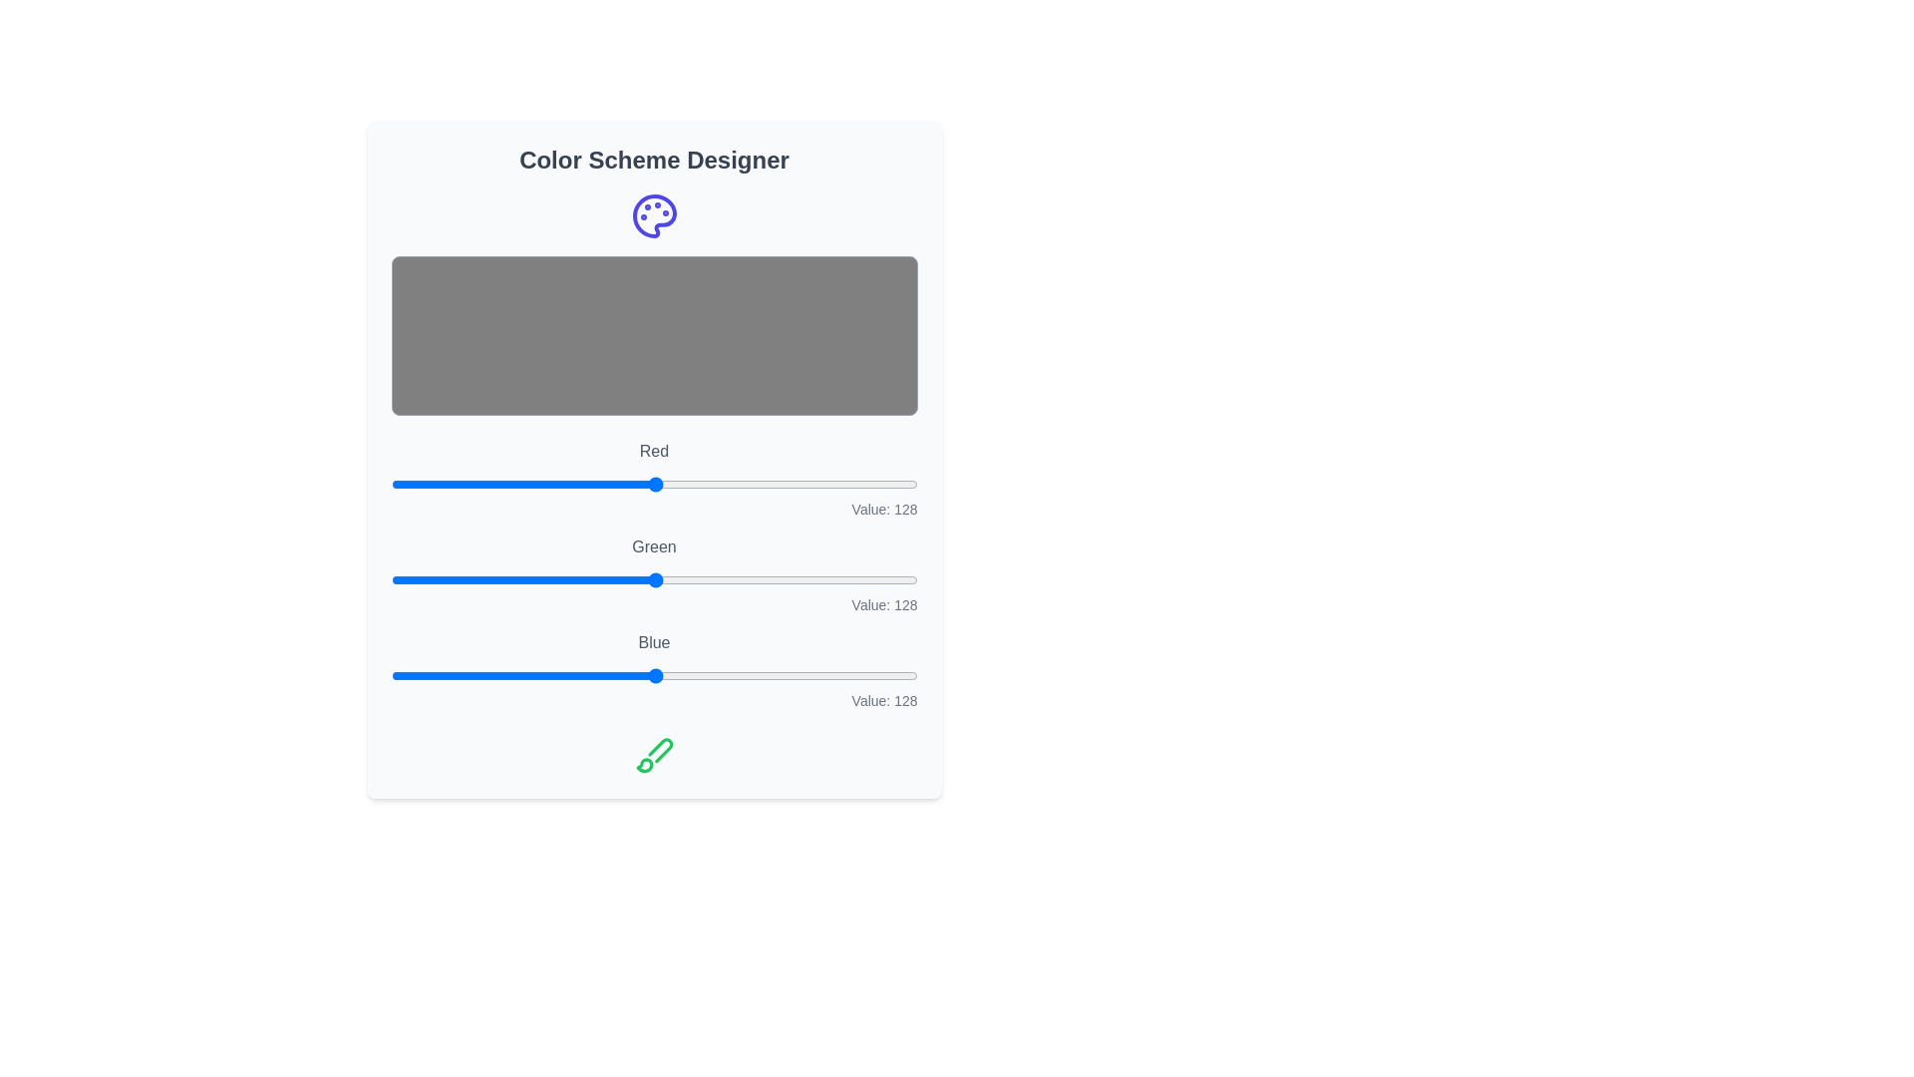 This screenshot has width=1914, height=1077. What do you see at coordinates (832, 580) in the screenshot?
I see `the slider` at bounding box center [832, 580].